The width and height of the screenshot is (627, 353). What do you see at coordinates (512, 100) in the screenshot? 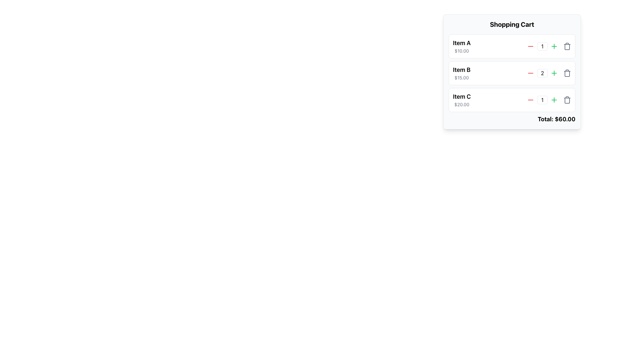
I see `the increment button for the third product item entry in the shopping cart to increase its quantity` at bounding box center [512, 100].